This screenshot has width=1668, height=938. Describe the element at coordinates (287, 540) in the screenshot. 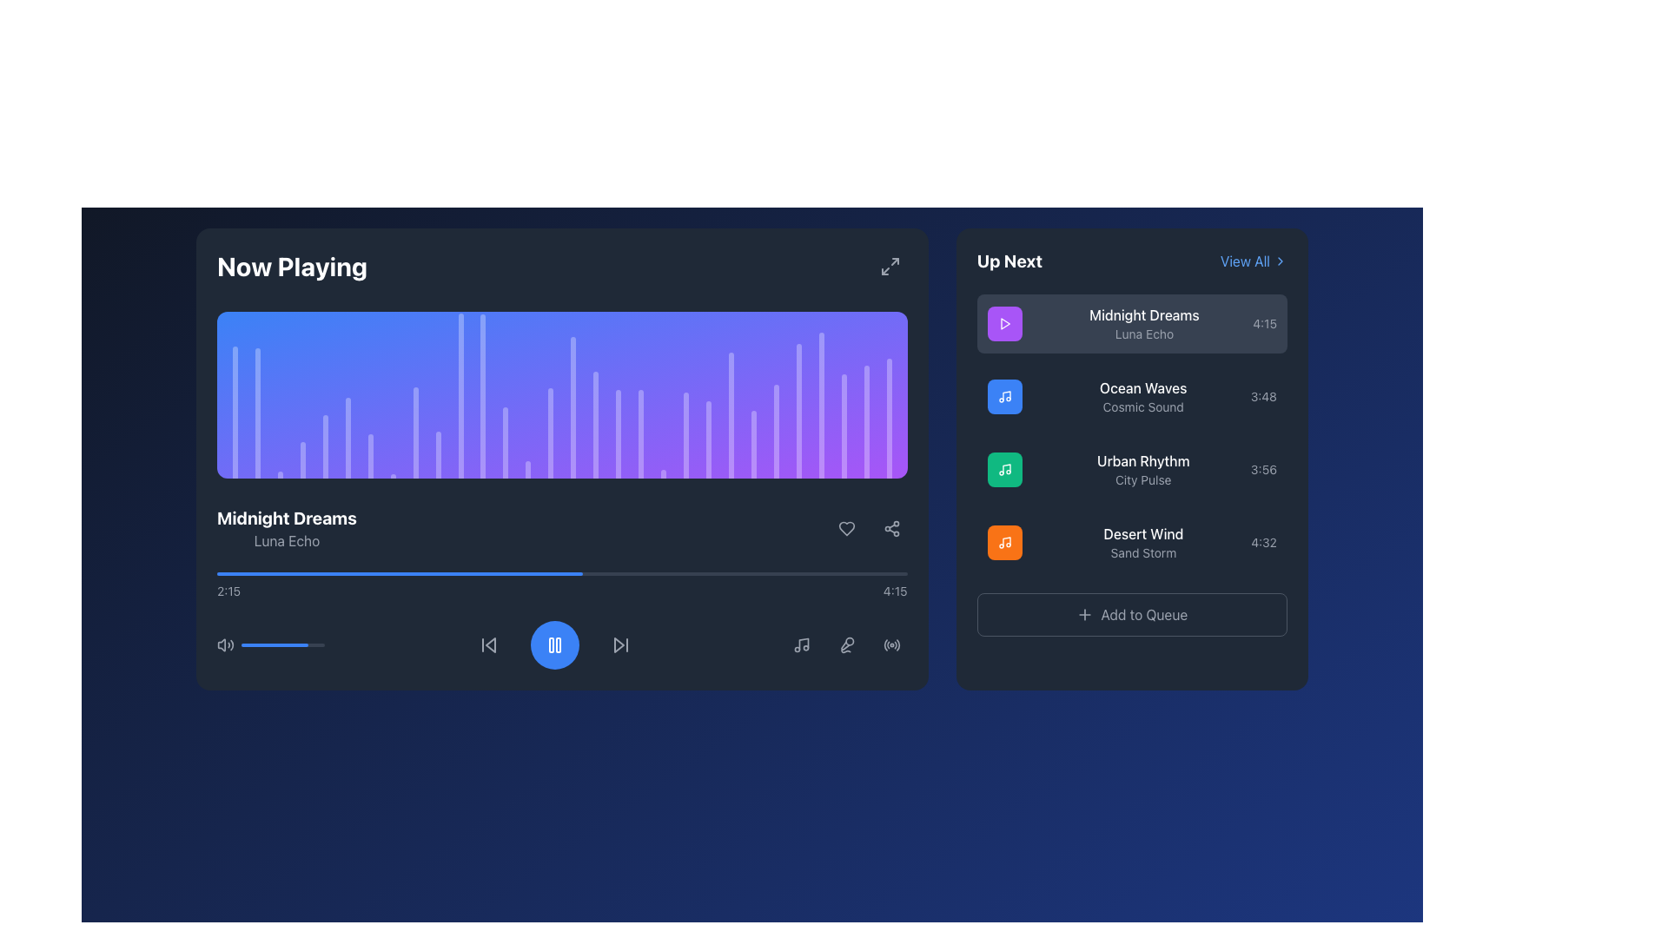

I see `text label 'Luna Echo' located in the 'Now Playing' section beneath 'Midnight Dreams' in the left panel of the interface` at that location.